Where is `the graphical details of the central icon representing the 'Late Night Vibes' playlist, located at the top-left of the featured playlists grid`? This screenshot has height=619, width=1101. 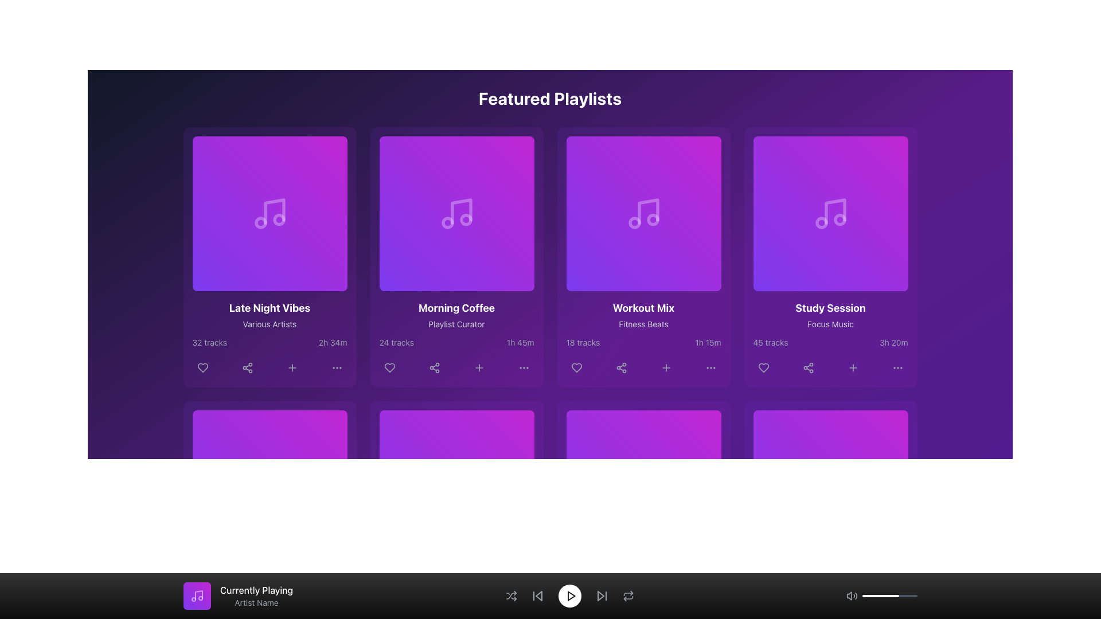 the graphical details of the central icon representing the 'Late Night Vibes' playlist, located at the top-left of the featured playlists grid is located at coordinates (269, 214).